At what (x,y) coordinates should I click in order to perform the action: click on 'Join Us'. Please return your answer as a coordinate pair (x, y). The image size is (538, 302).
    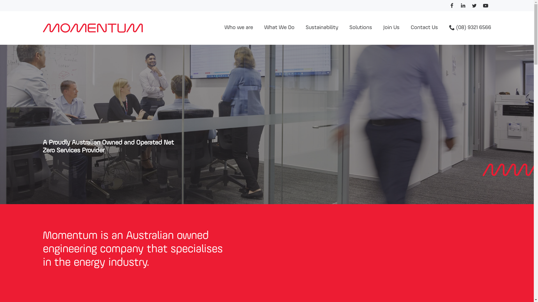
    Looking at the image, I should click on (391, 28).